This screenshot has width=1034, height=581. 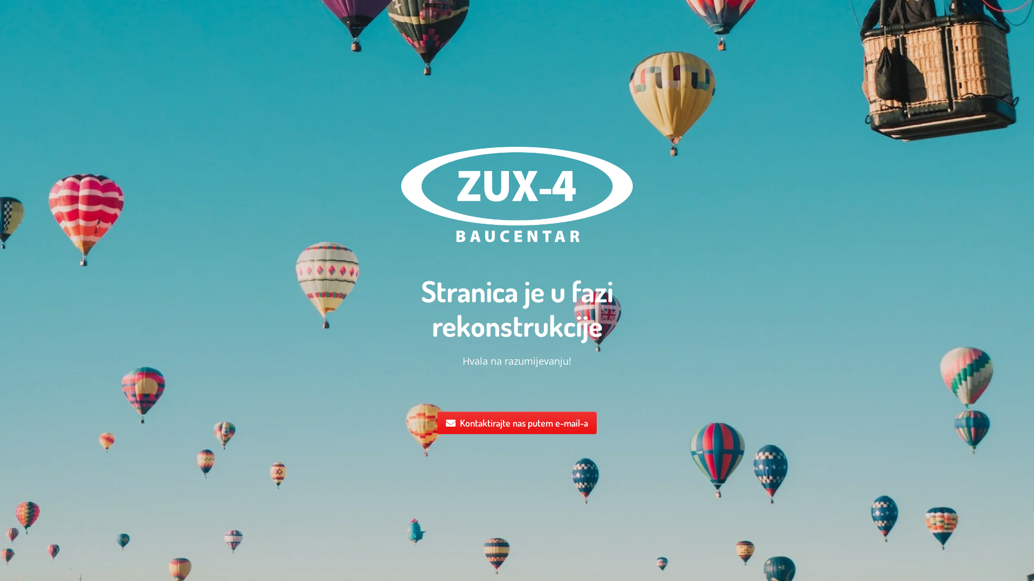 I want to click on 'Kontaktirajte nas putem e-mail-a', so click(x=517, y=422).